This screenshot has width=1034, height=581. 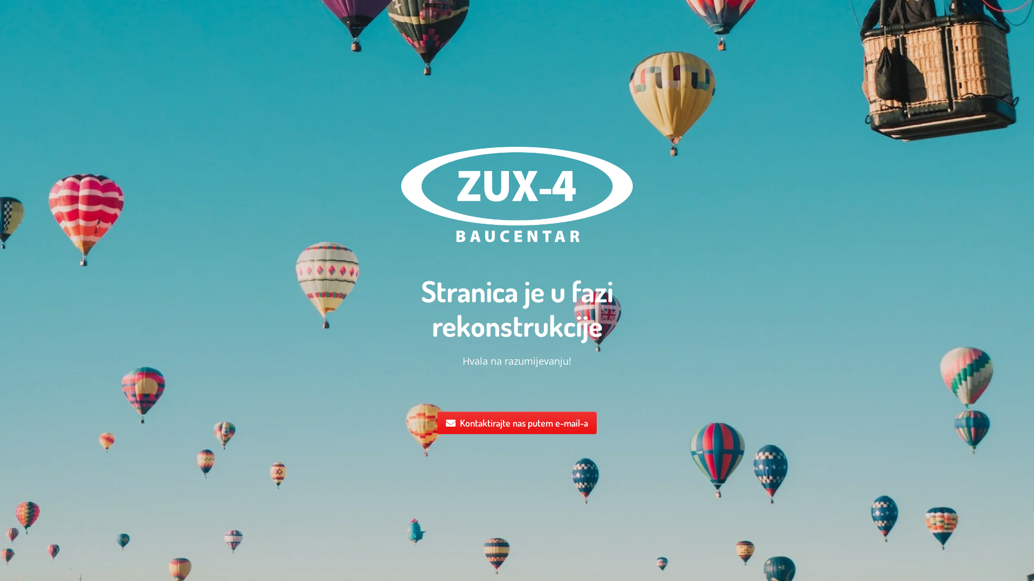 I want to click on 'Kontaktirajte nas putem e-mail-a', so click(x=517, y=422).